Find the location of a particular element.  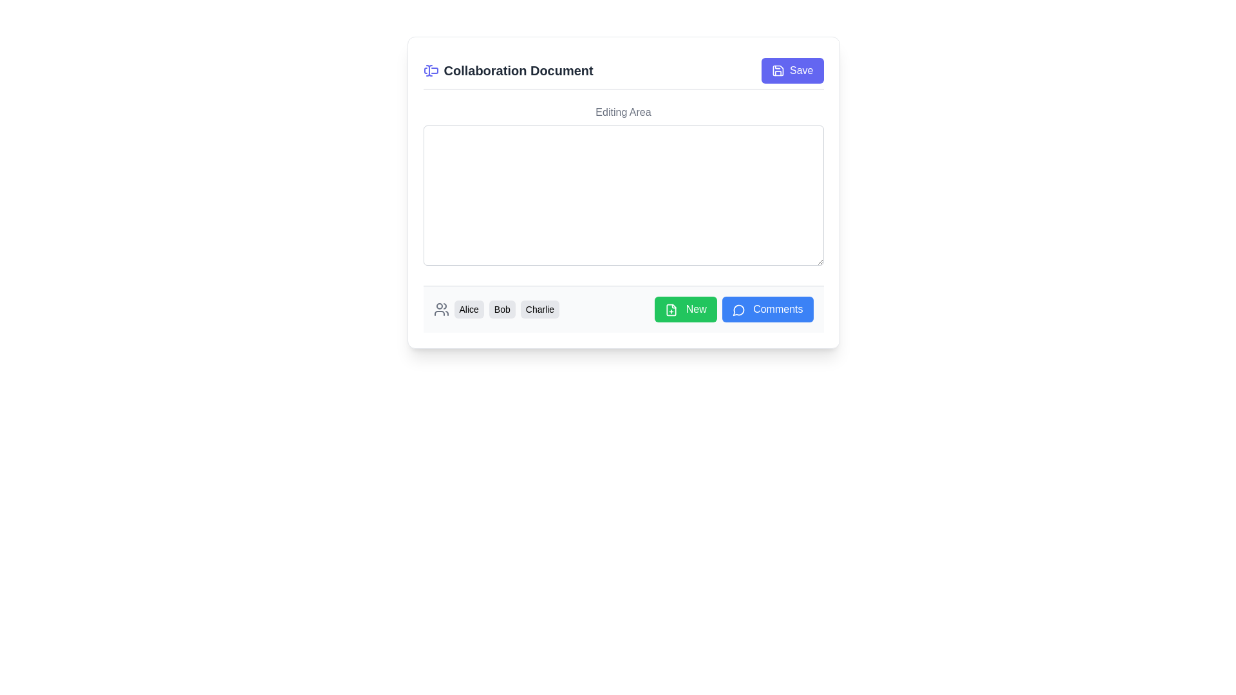

on the label containing the name 'Bob', which is the central label among three adjacent labels styled with rounded corners is located at coordinates (506, 310).